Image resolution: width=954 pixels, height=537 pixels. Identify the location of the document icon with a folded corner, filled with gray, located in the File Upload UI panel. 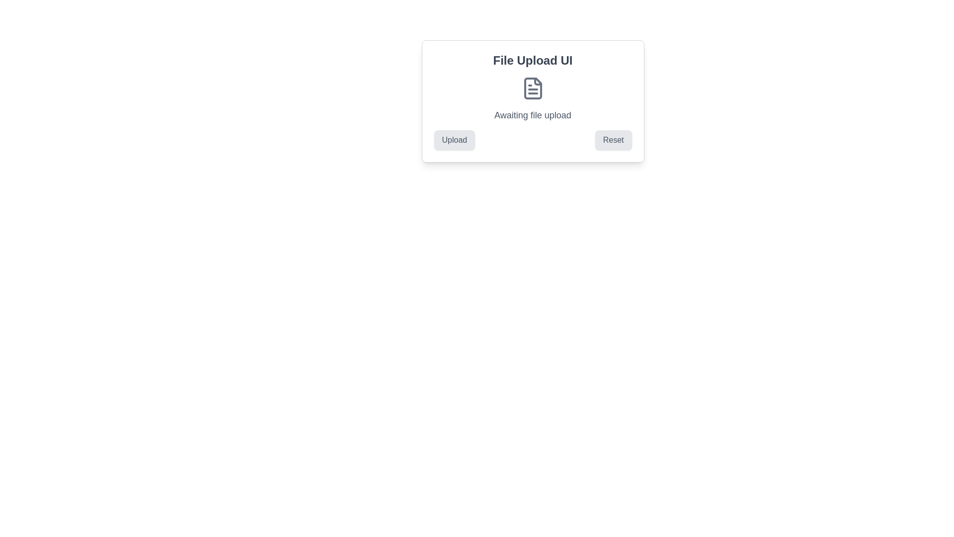
(532, 88).